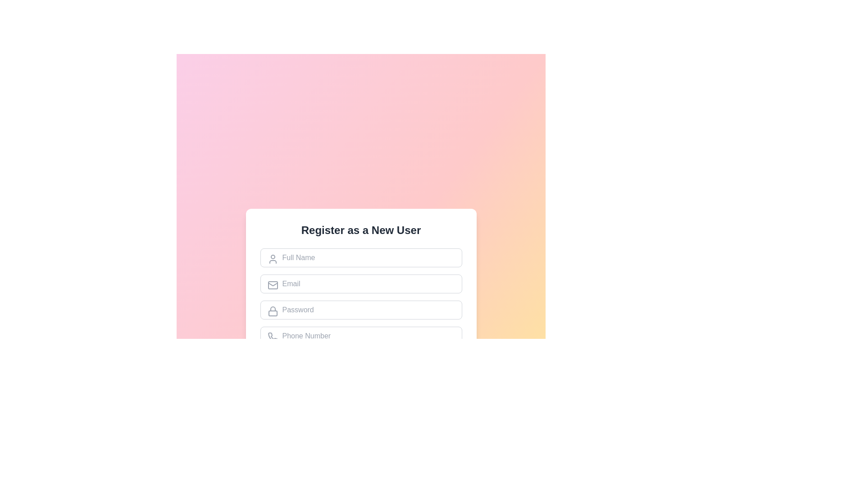 The image size is (865, 486). What do you see at coordinates (272, 284) in the screenshot?
I see `the graphic decoration resembling the envelope's closing flap, which is part of the email icon in the registration form` at bounding box center [272, 284].